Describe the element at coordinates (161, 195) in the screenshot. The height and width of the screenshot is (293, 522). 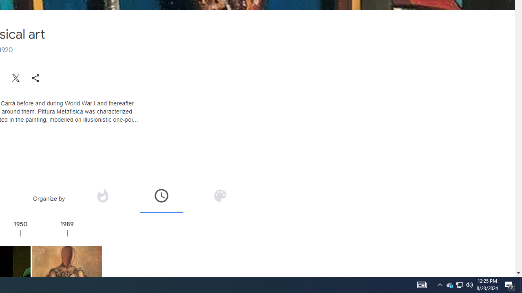
I see `'Organize by time'` at that location.